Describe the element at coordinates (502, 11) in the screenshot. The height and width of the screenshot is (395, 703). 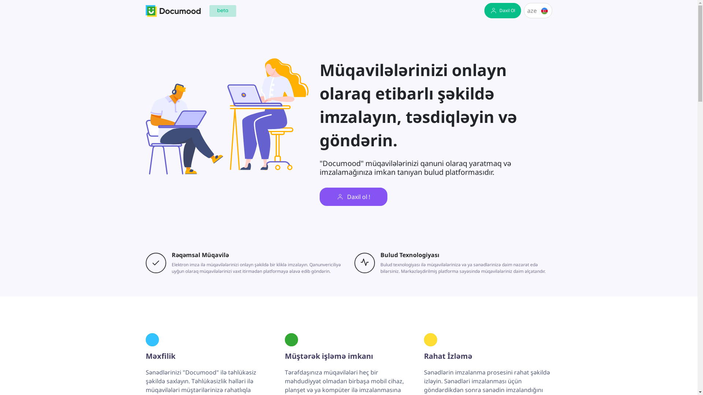
I see `'Daxil Ol'` at that location.